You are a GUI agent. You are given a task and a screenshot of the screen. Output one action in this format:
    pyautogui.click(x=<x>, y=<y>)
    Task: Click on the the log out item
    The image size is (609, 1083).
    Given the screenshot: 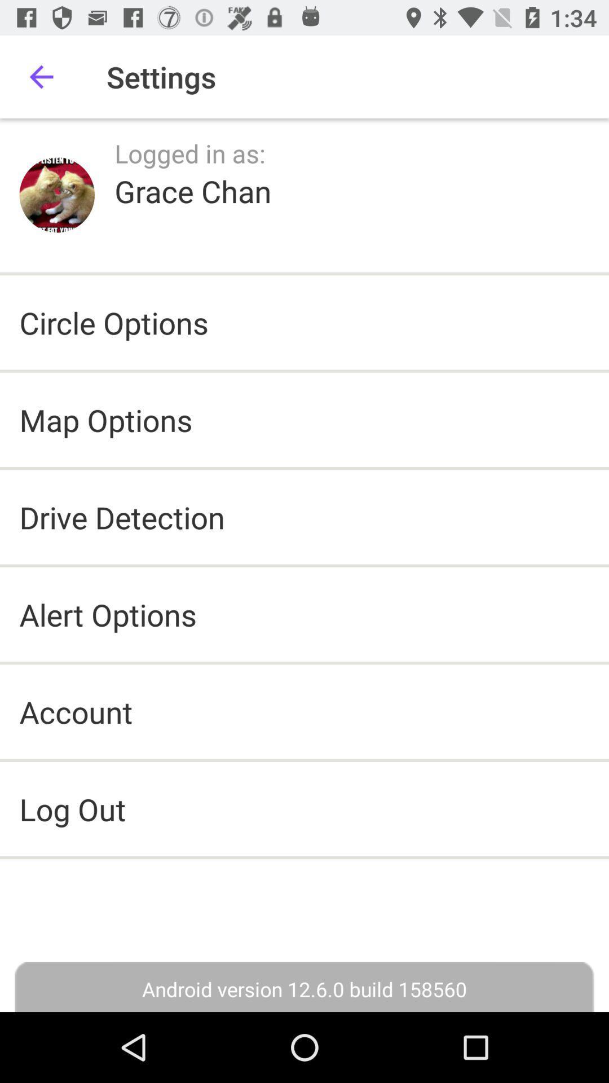 What is the action you would take?
    pyautogui.click(x=304, y=808)
    